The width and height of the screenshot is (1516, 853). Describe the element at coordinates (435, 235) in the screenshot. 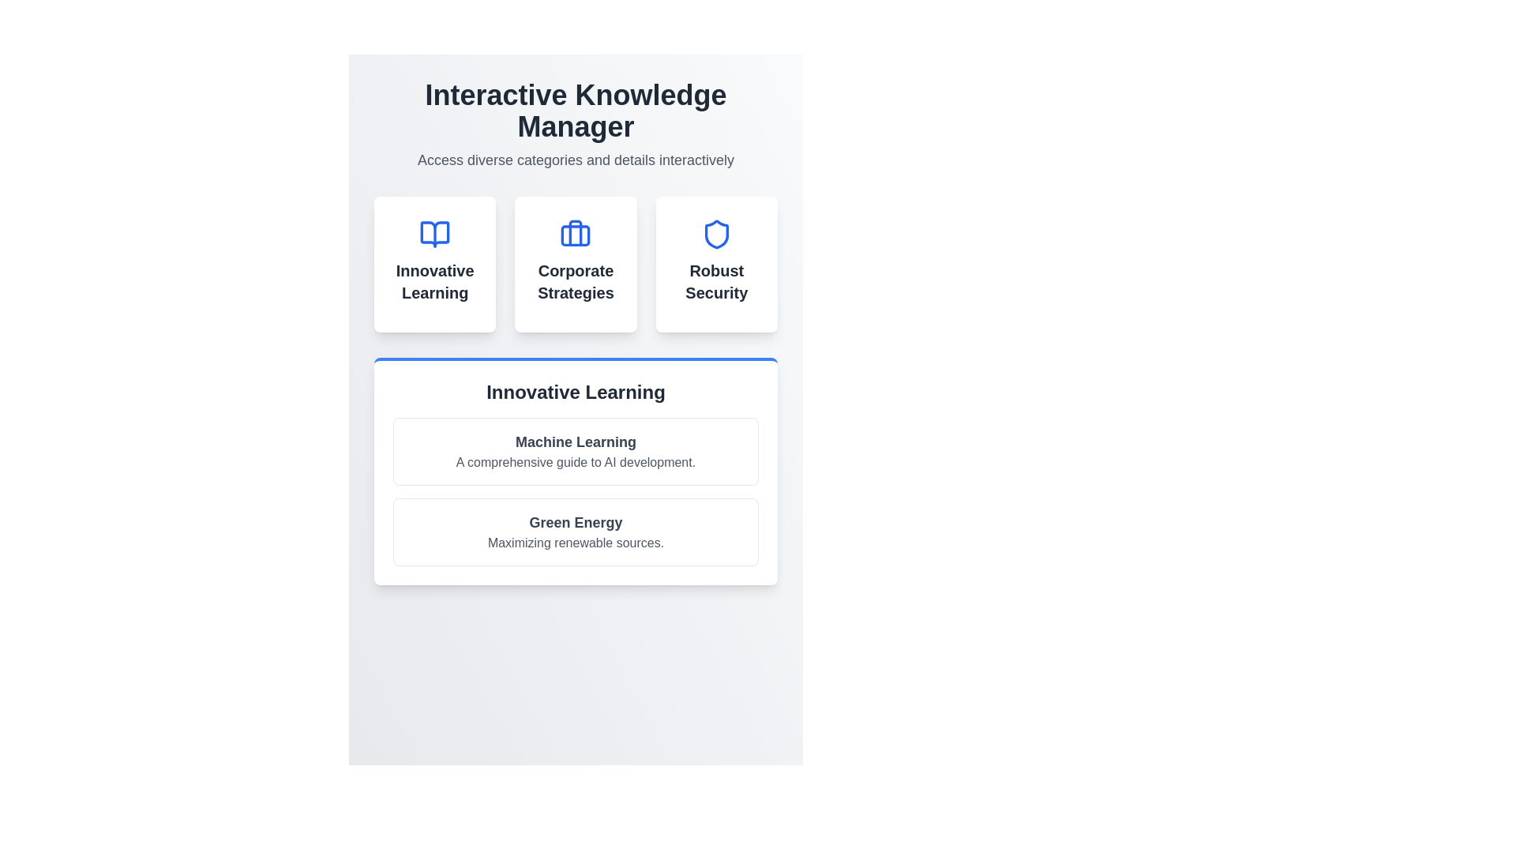

I see `the 'Innovative Learning' icon, which is the first item in the top-left section of a grid with rounded corners and a shadow effect` at that location.